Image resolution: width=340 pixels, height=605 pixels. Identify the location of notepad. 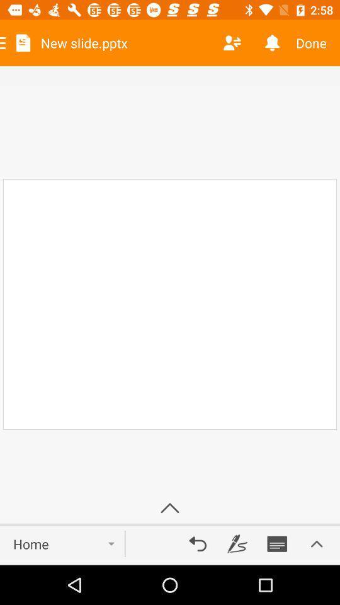
(277, 543).